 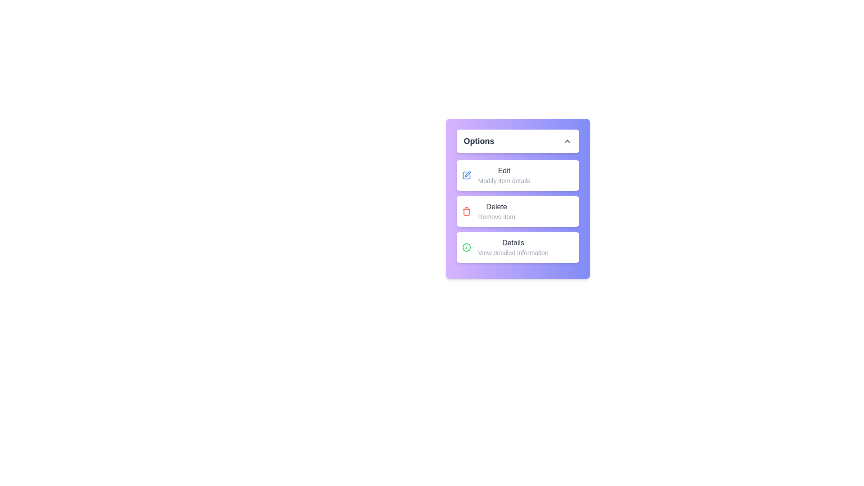 I want to click on the menu item Edit from the options, so click(x=517, y=175).